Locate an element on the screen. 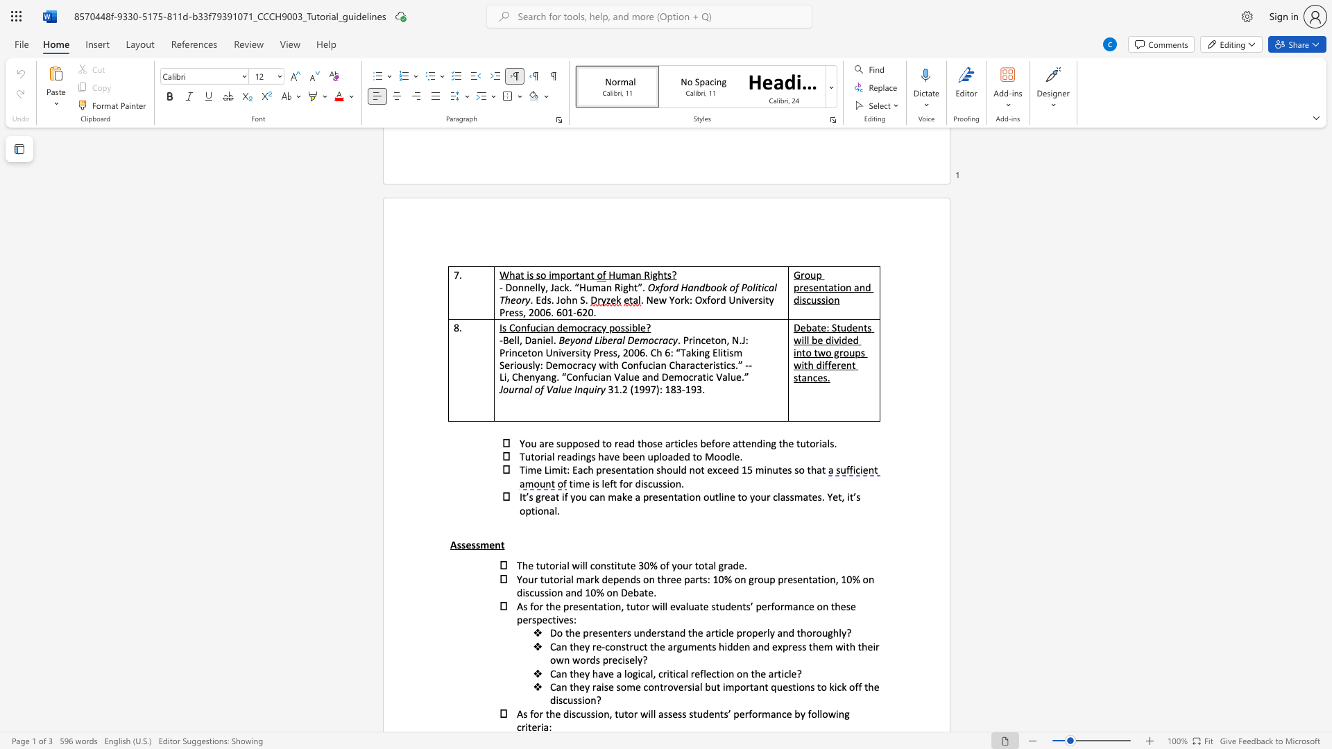  the subset text "ti" within the text "constitute" is located at coordinates (610, 565).